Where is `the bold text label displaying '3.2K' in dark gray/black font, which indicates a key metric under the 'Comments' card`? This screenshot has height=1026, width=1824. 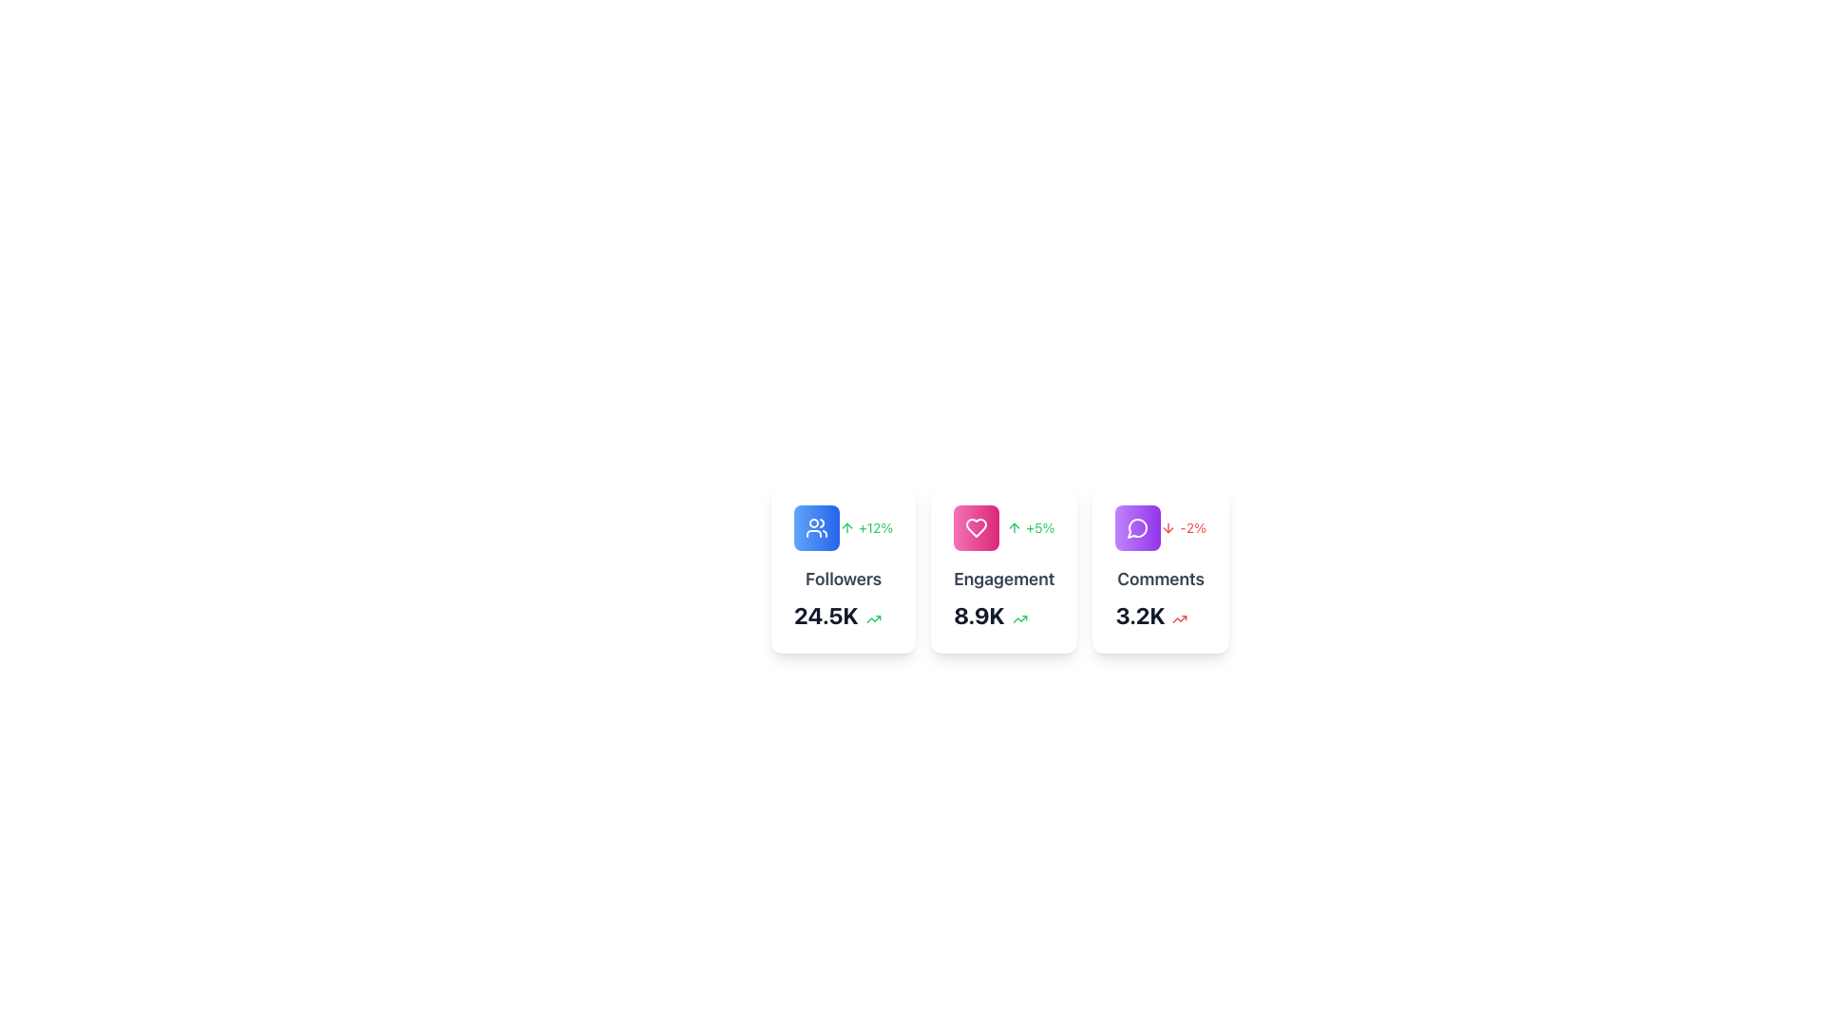 the bold text label displaying '3.2K' in dark gray/black font, which indicates a key metric under the 'Comments' card is located at coordinates (1140, 616).